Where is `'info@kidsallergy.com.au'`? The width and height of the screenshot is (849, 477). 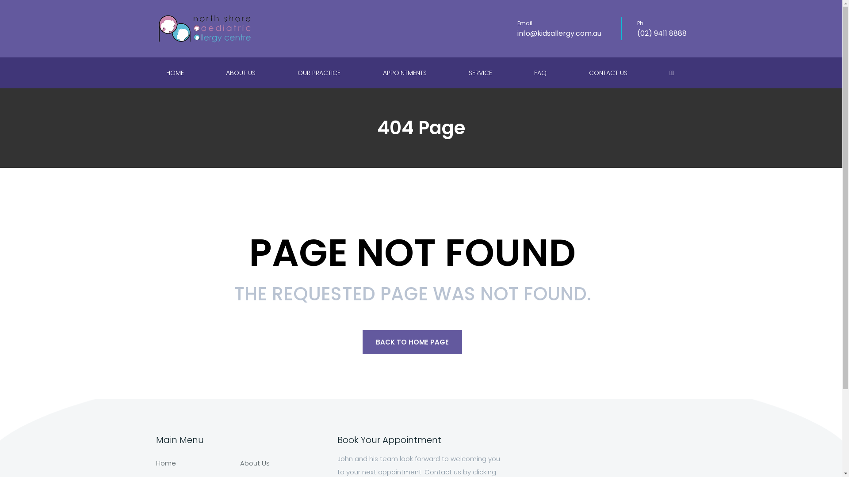 'info@kidsallergy.com.au' is located at coordinates (559, 33).